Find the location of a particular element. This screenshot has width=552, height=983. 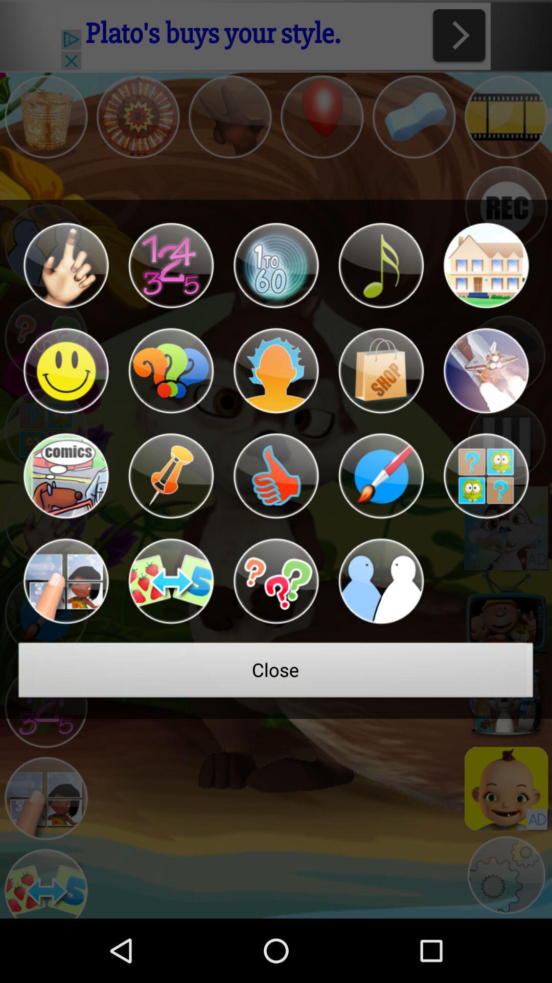

open app is located at coordinates (170, 581).